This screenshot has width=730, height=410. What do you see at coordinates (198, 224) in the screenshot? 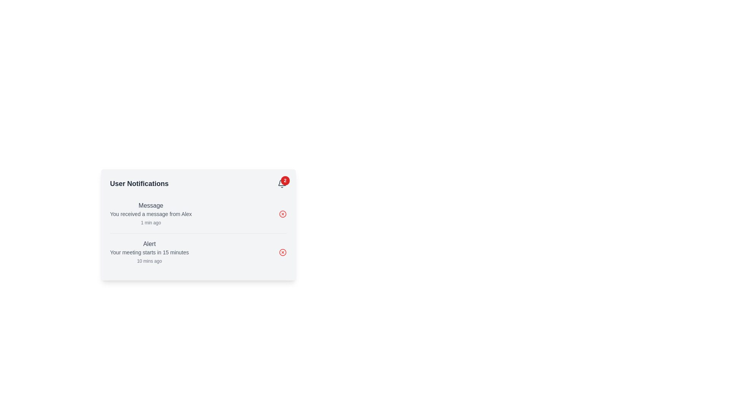
I see `the interactive elements within the 'User Notifications' card, which features a light grey background and contains notifications with titles, descriptions, and timestamps` at bounding box center [198, 224].